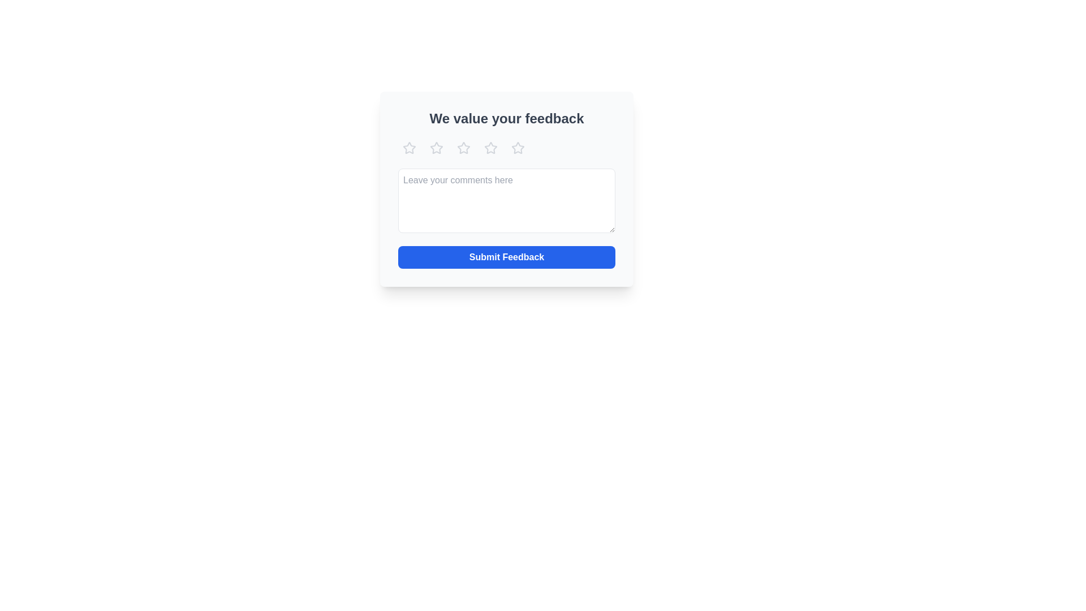  Describe the element at coordinates (436, 148) in the screenshot. I see `the second star icon in the rating system` at that location.